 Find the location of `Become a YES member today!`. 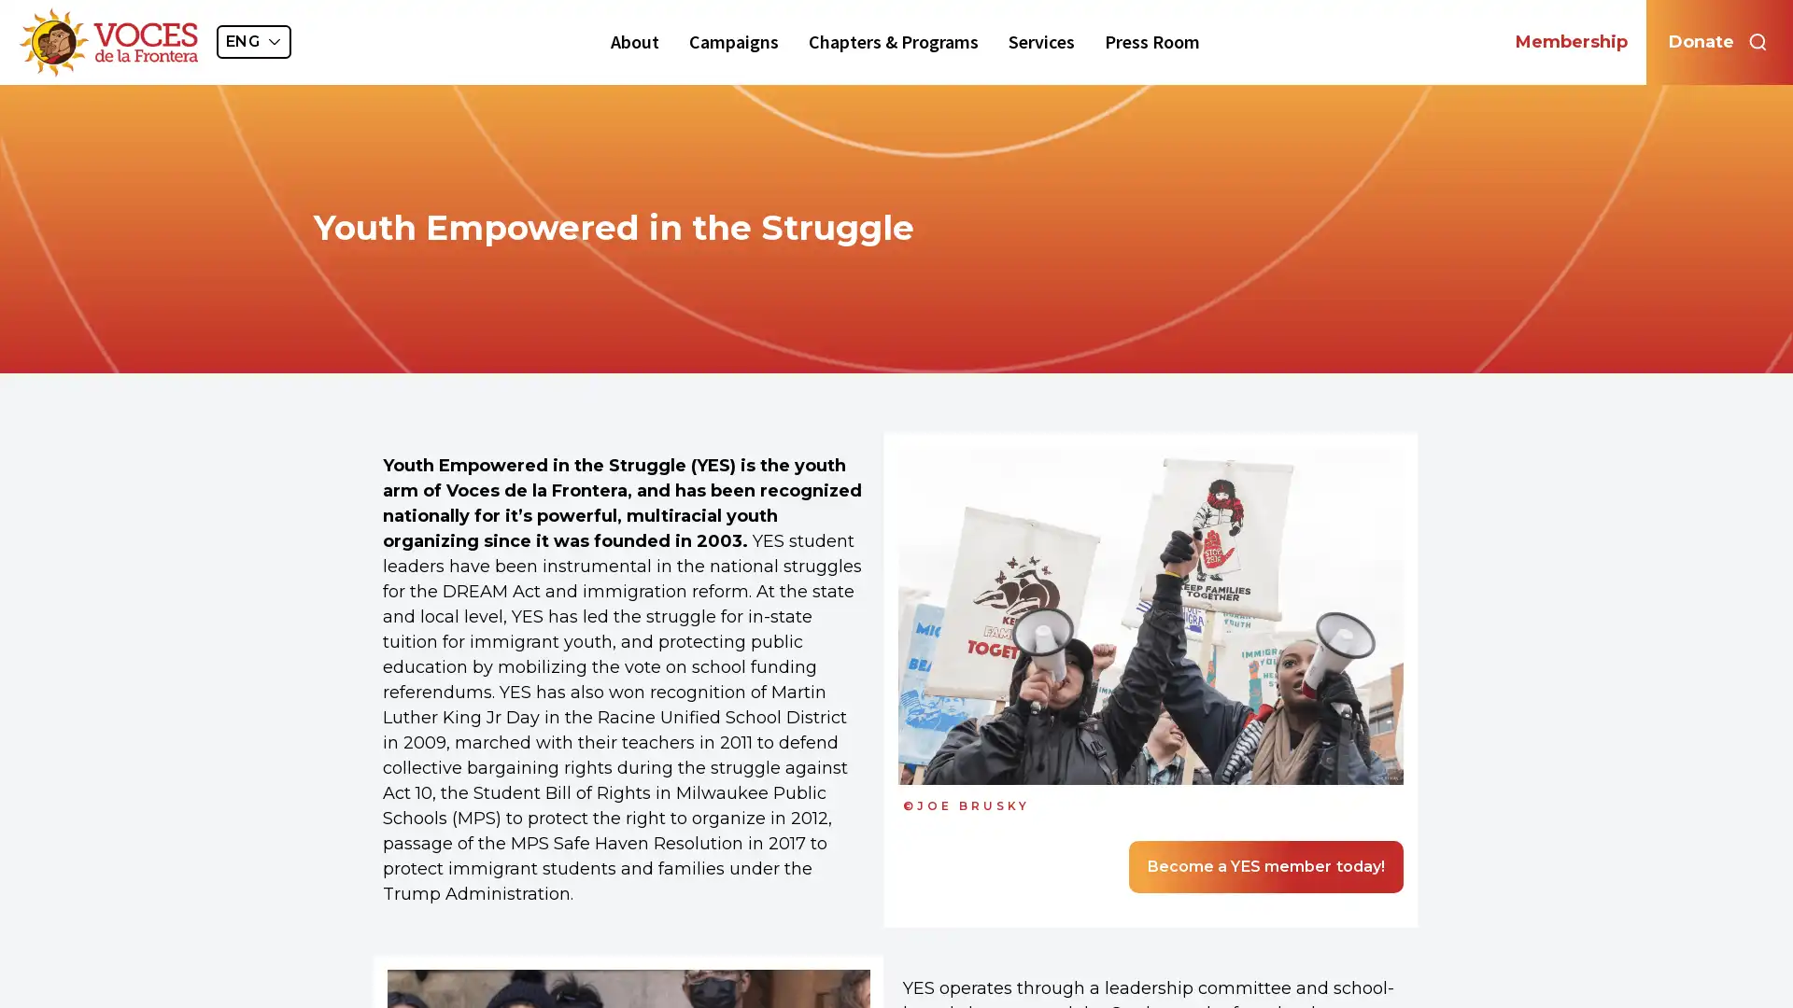

Become a YES member today! is located at coordinates (1265, 866).